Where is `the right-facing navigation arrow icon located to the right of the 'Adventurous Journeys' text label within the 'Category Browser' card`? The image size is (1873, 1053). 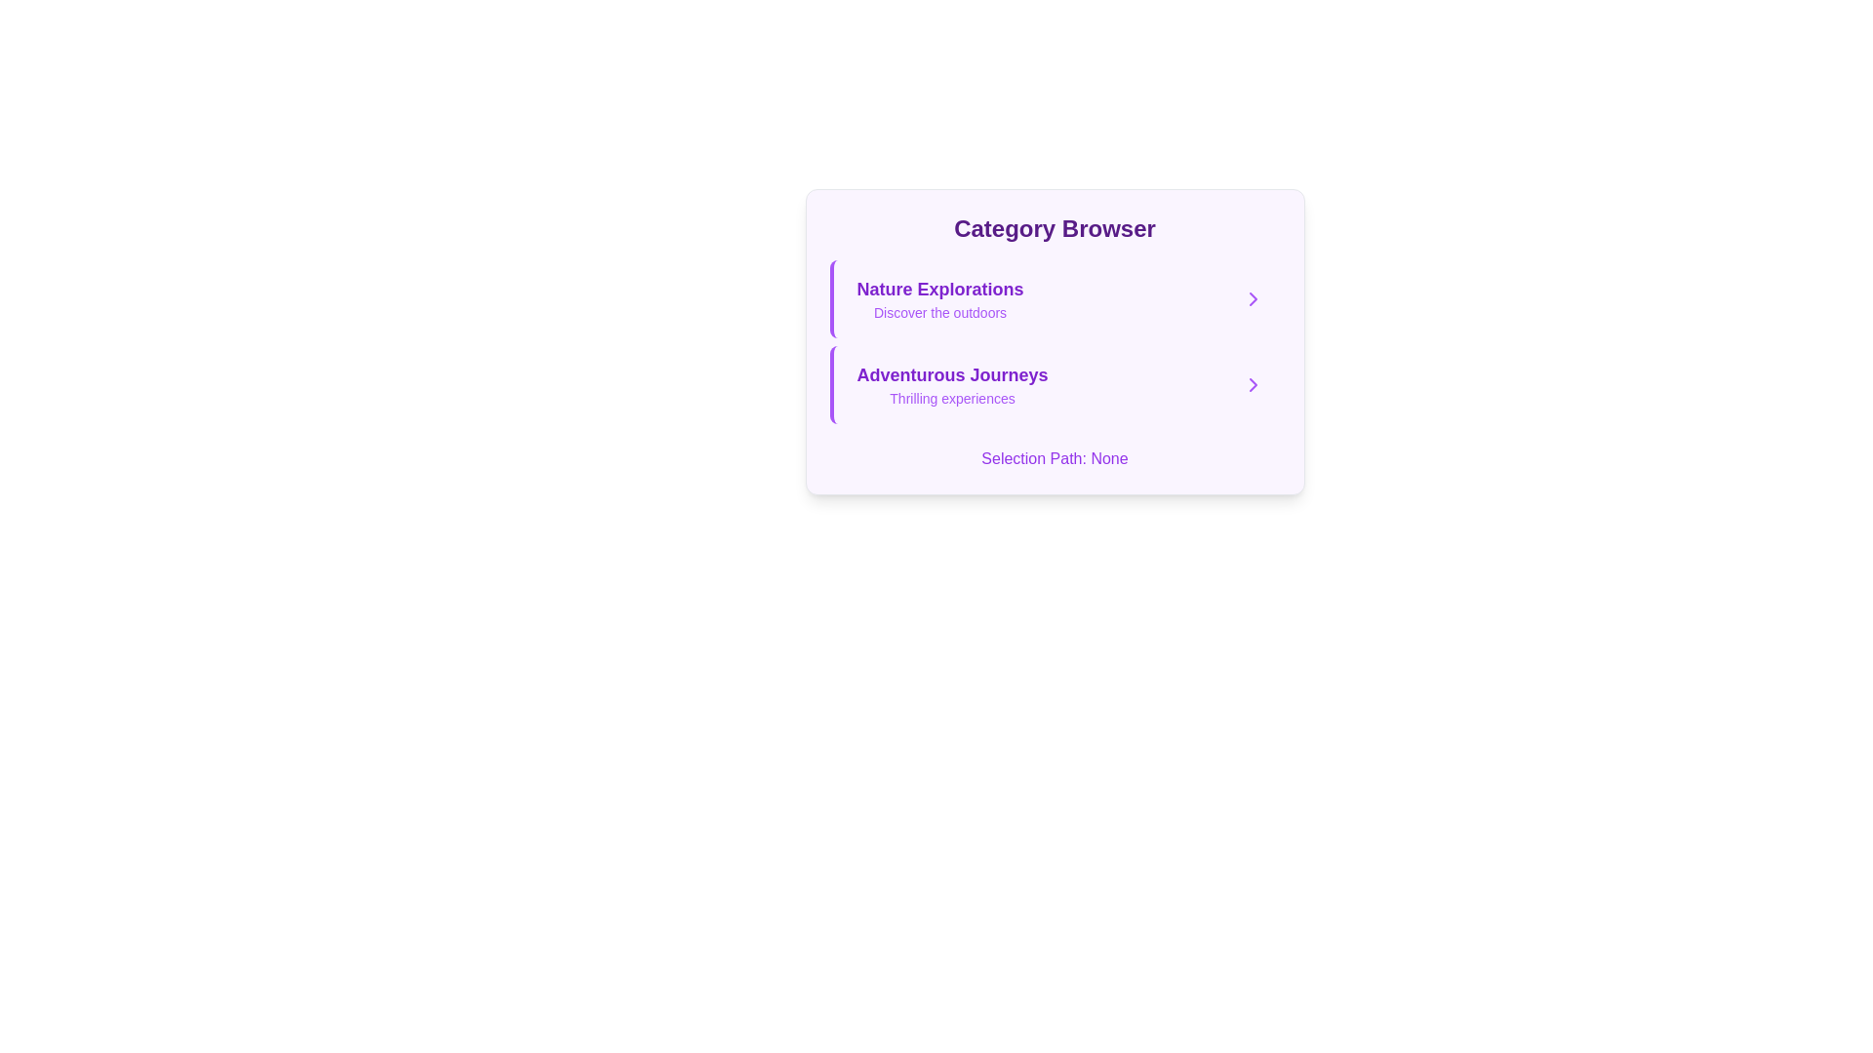 the right-facing navigation arrow icon located to the right of the 'Adventurous Journeys' text label within the 'Category Browser' card is located at coordinates (1253, 384).